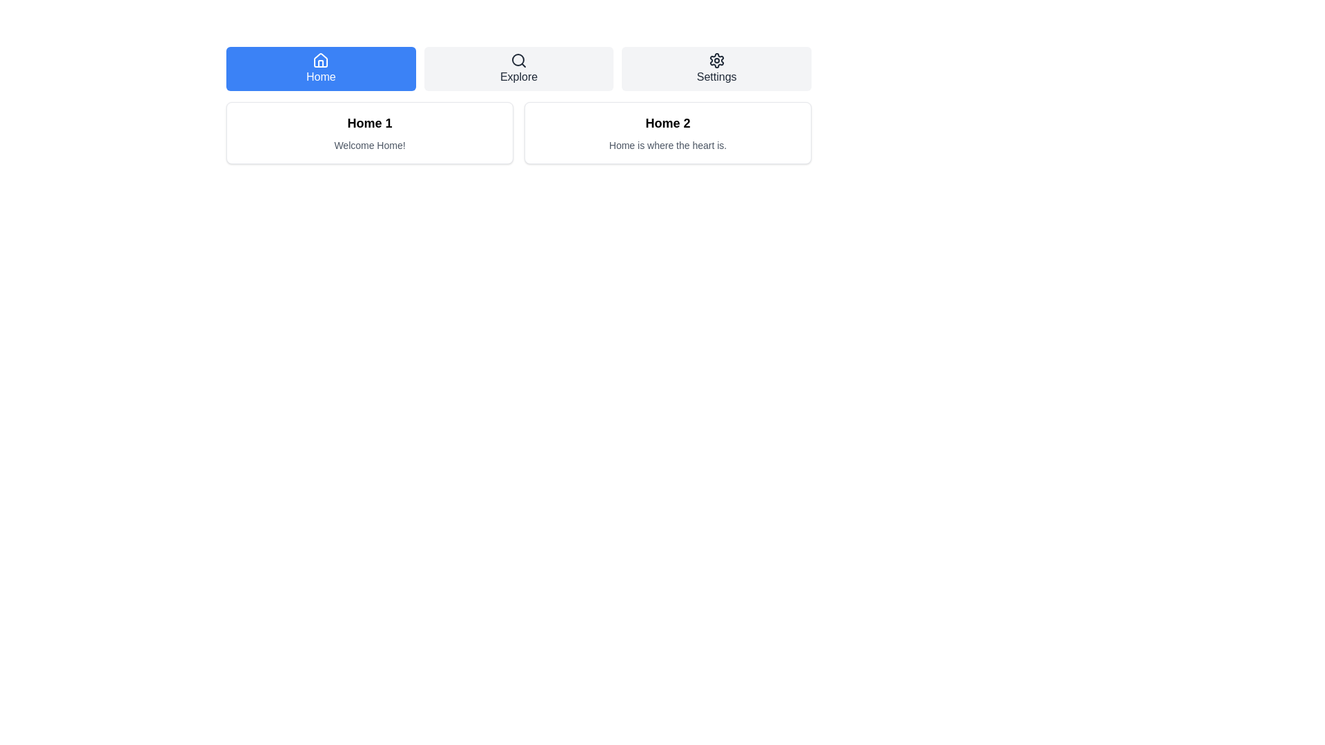 The height and width of the screenshot is (745, 1325). Describe the element at coordinates (668, 146) in the screenshot. I see `the static text snippet that reads 'Home is where the heart is.' located in the second highlighted section labeled 'Home 2.'` at that location.